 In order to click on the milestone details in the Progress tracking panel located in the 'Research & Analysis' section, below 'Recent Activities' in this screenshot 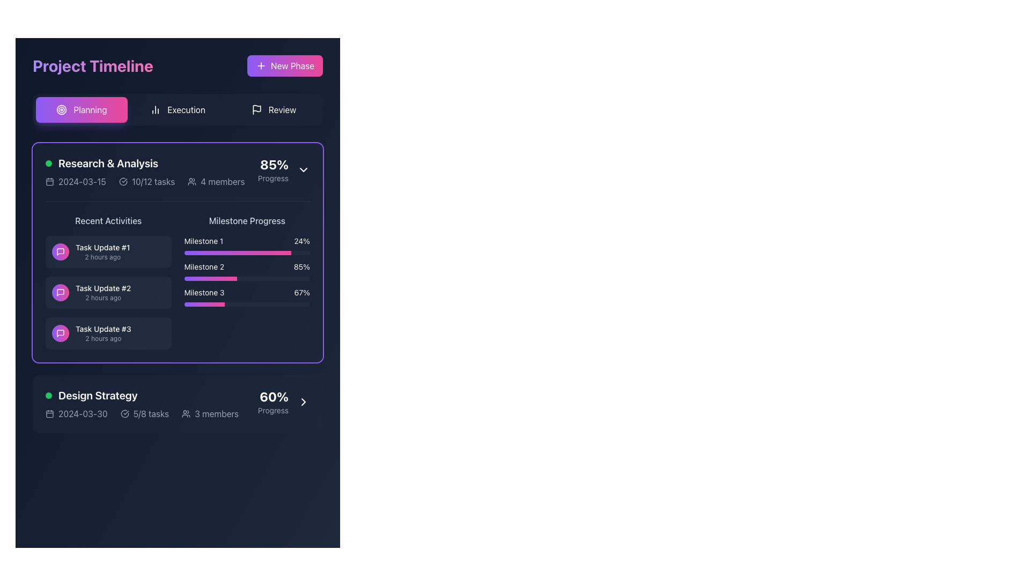, I will do `click(246, 281)`.